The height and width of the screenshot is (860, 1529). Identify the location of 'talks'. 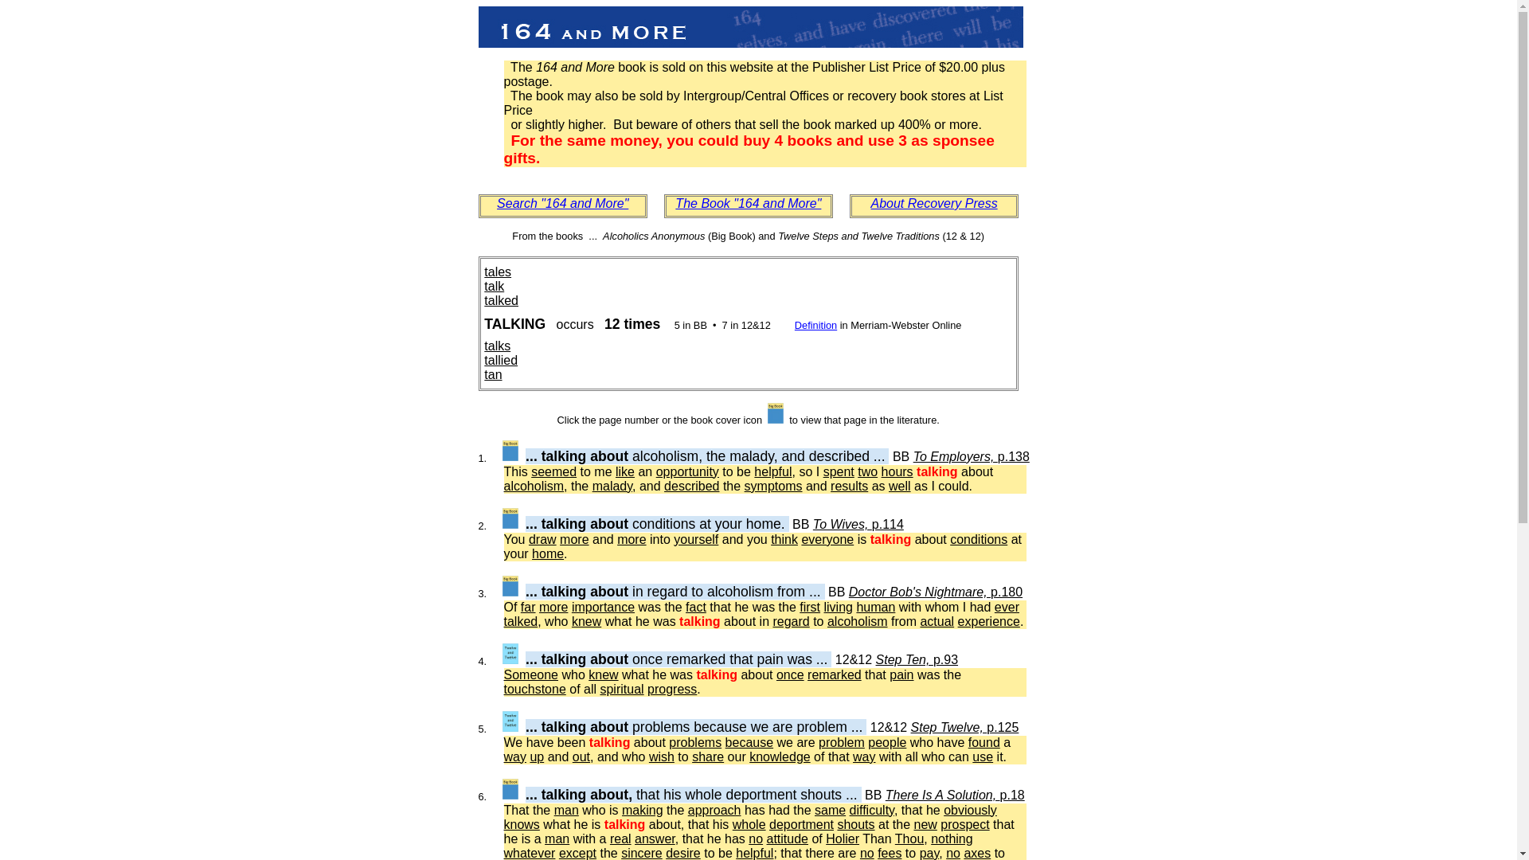
(496, 345).